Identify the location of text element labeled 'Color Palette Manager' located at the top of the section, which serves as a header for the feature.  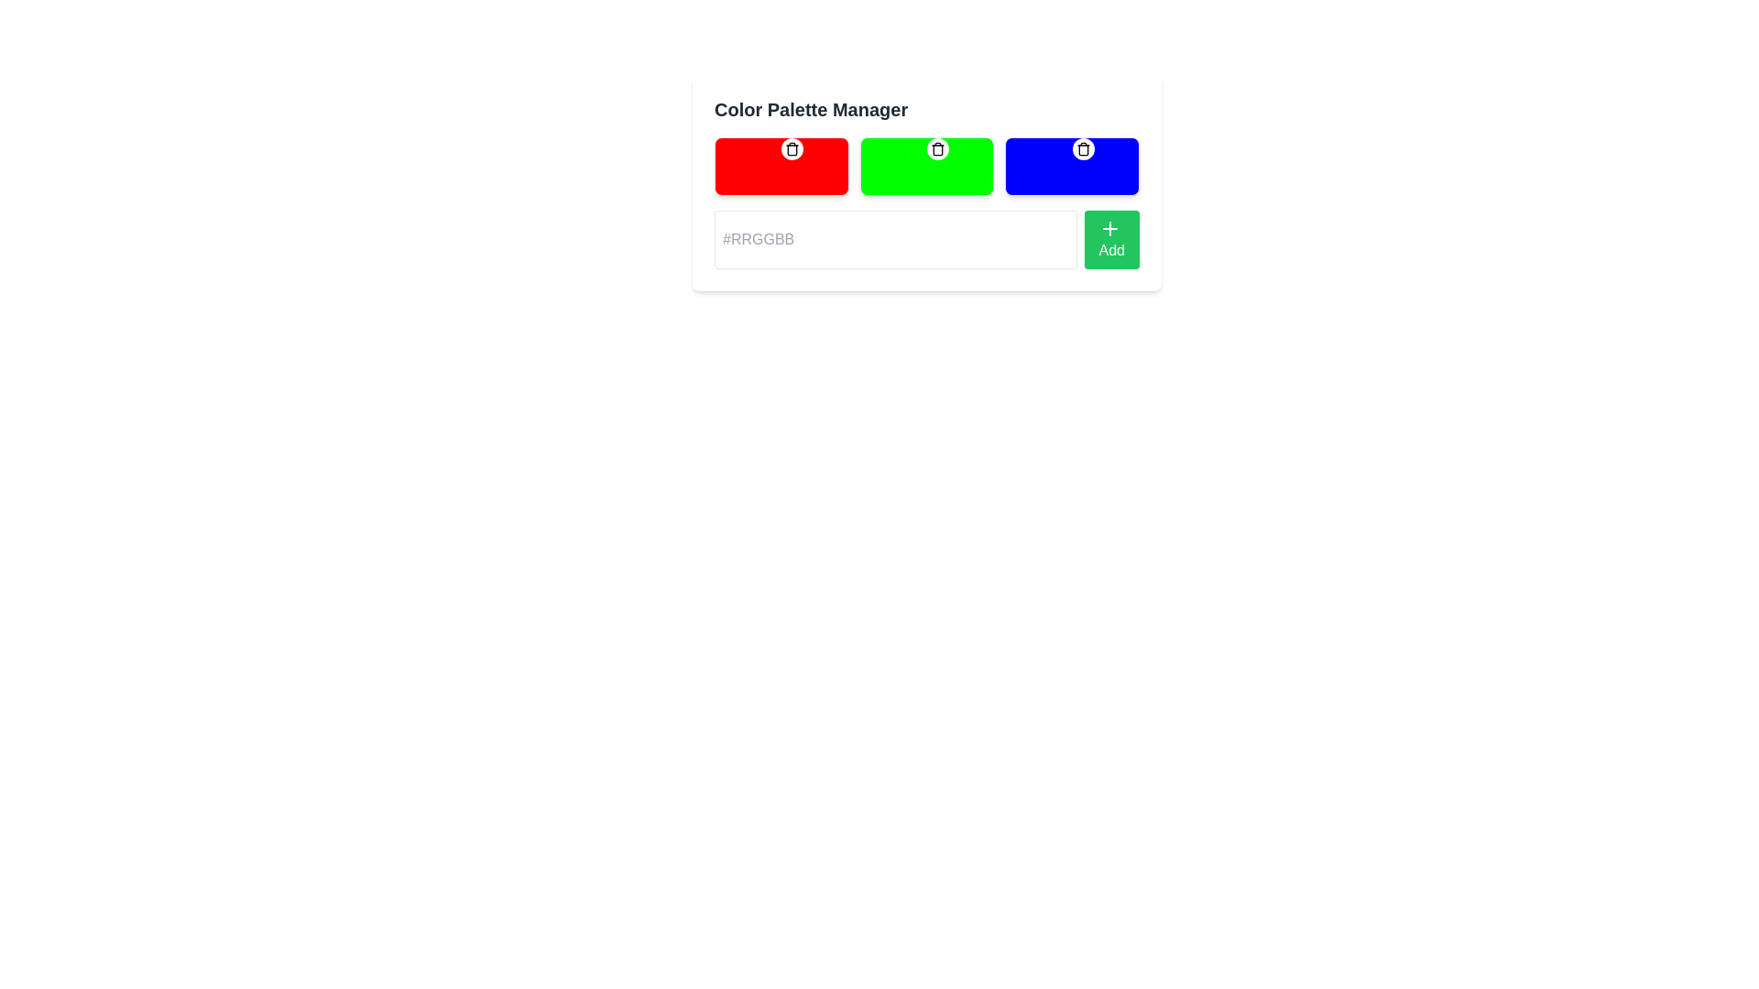
(810, 109).